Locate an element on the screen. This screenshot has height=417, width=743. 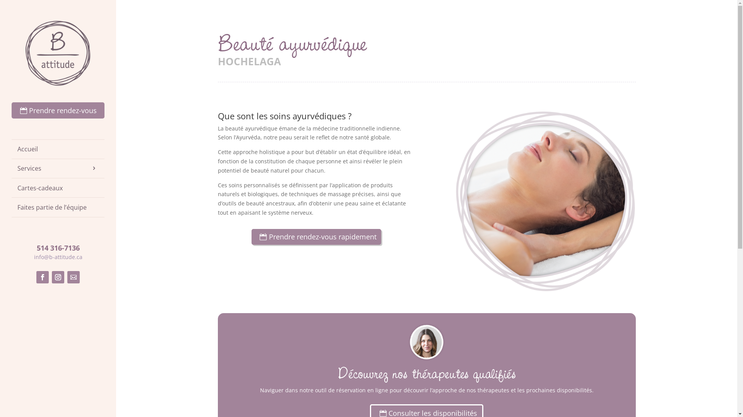
'Cartes-cadeaux' is located at coordinates (57, 188).